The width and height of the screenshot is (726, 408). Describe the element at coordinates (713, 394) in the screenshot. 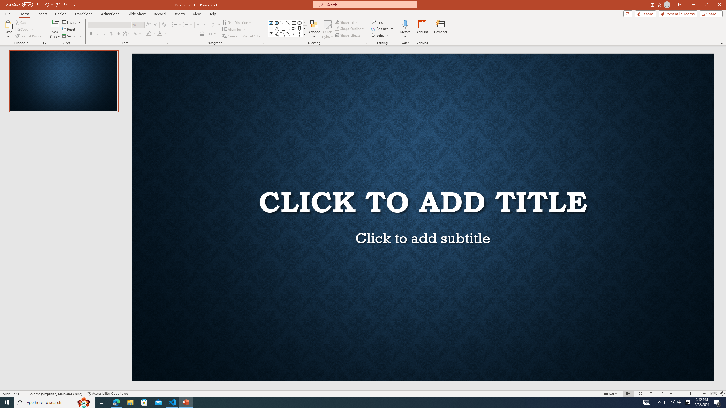

I see `'Zoom 161%'` at that location.